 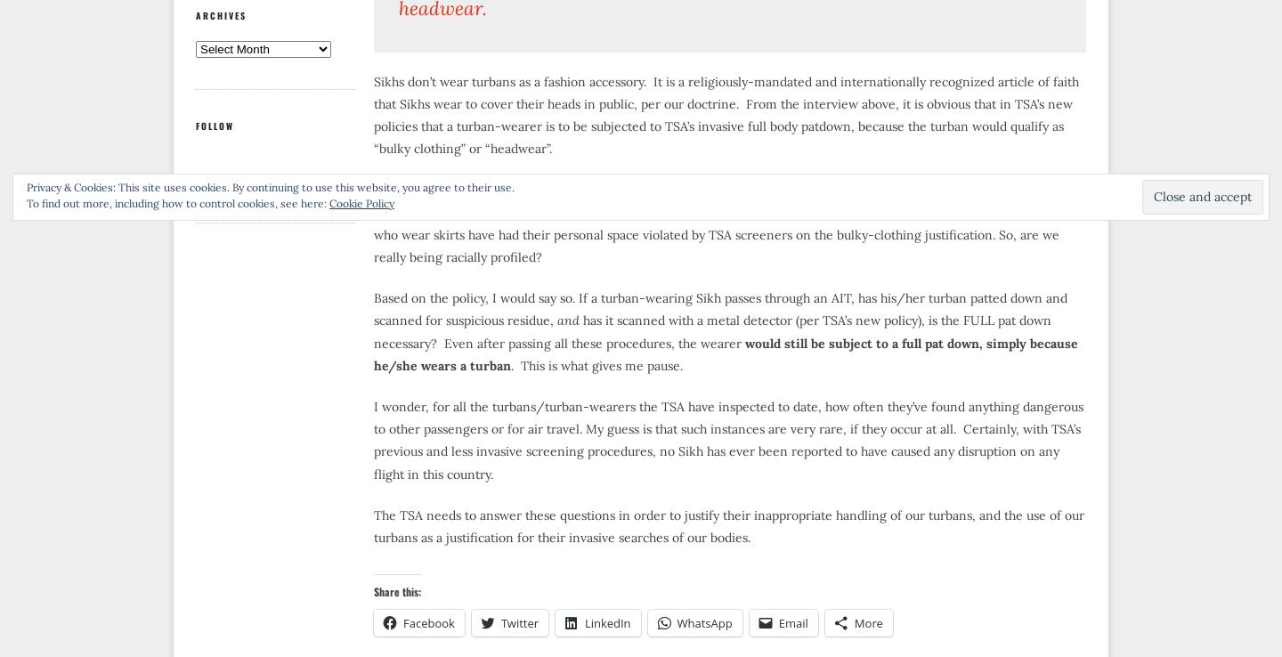 What do you see at coordinates (214, 125) in the screenshot?
I see `'Follow'` at bounding box center [214, 125].